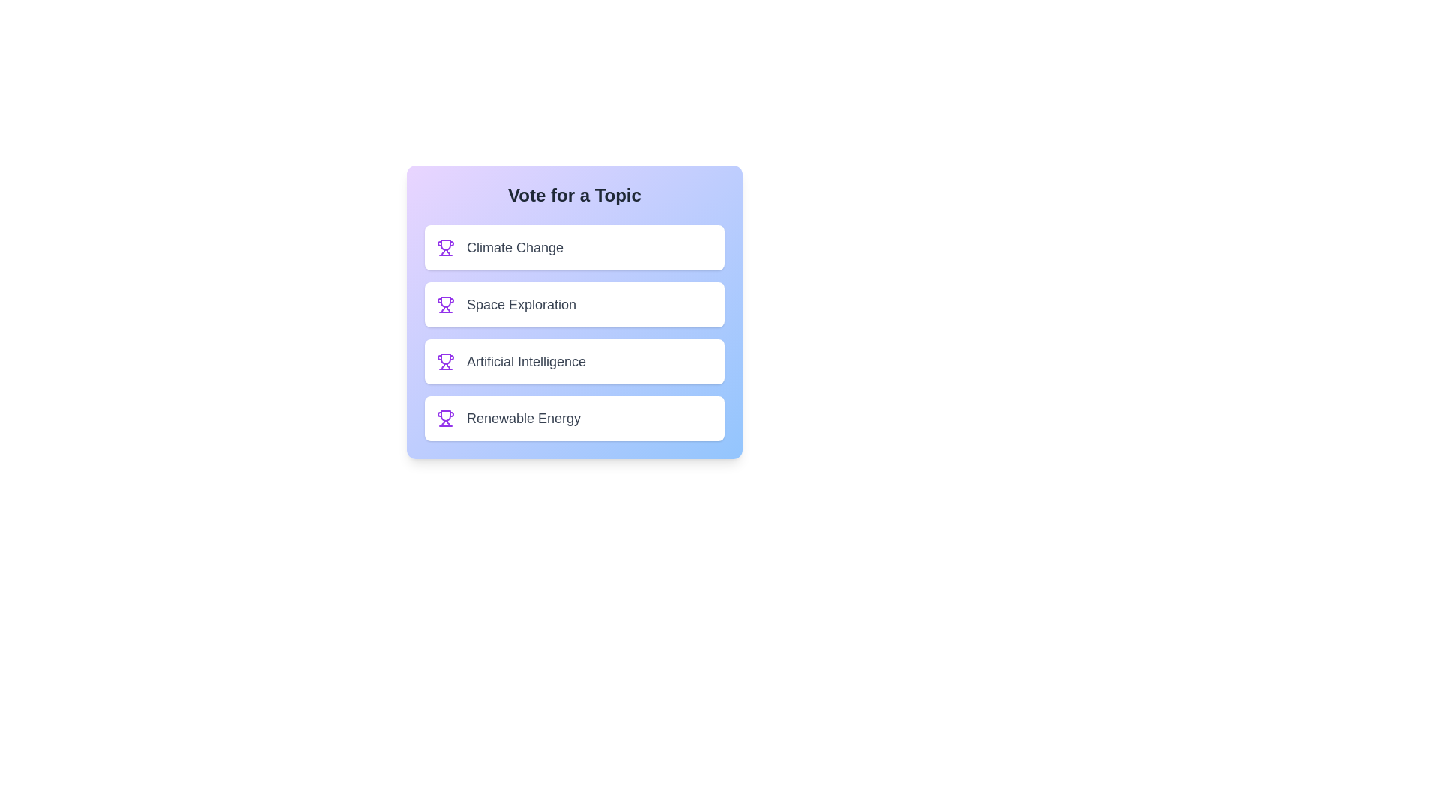 The image size is (1439, 809). I want to click on the text label titled 'Renewable Energy', which is the bottom-most option in a vertical list of topics beneath 'Artificial Intelligence', so click(524, 419).